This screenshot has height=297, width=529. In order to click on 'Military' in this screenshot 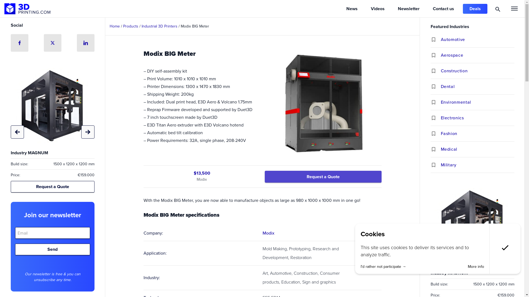, I will do `click(440, 165)`.